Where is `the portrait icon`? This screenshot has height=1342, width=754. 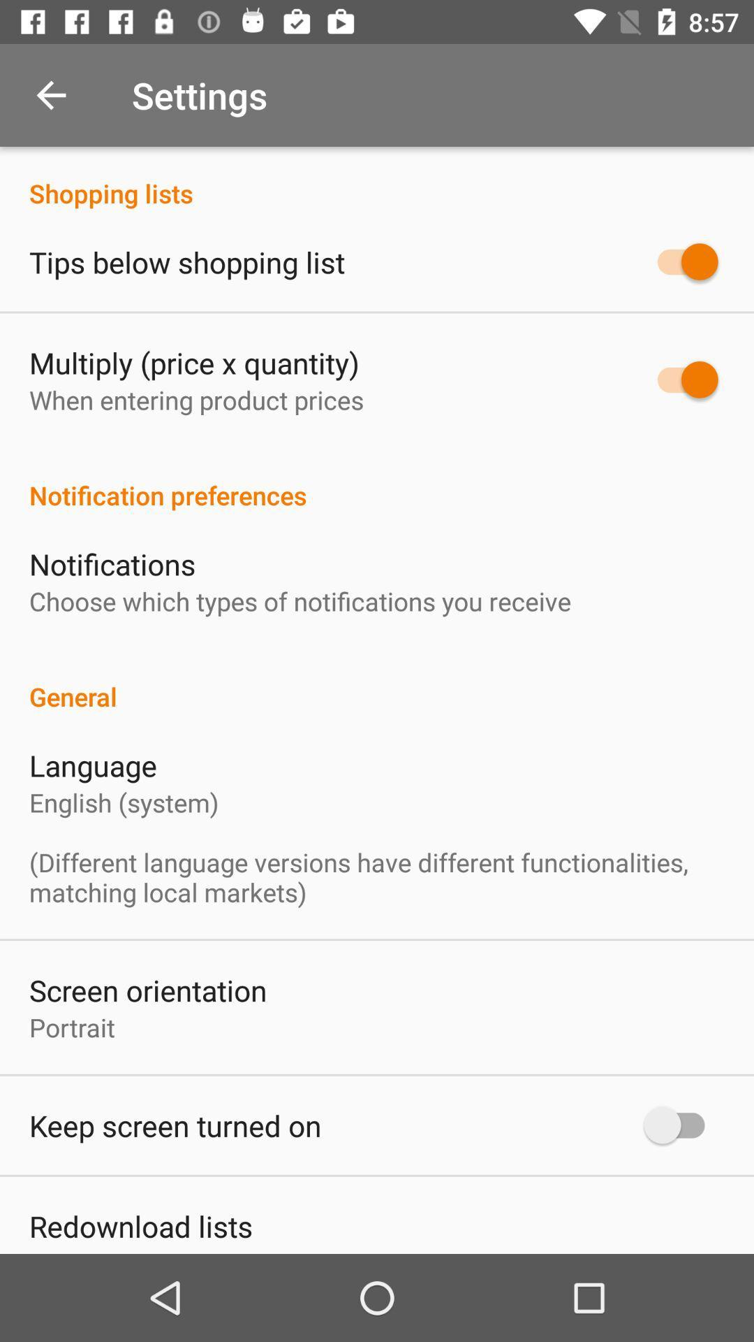 the portrait icon is located at coordinates (72, 1027).